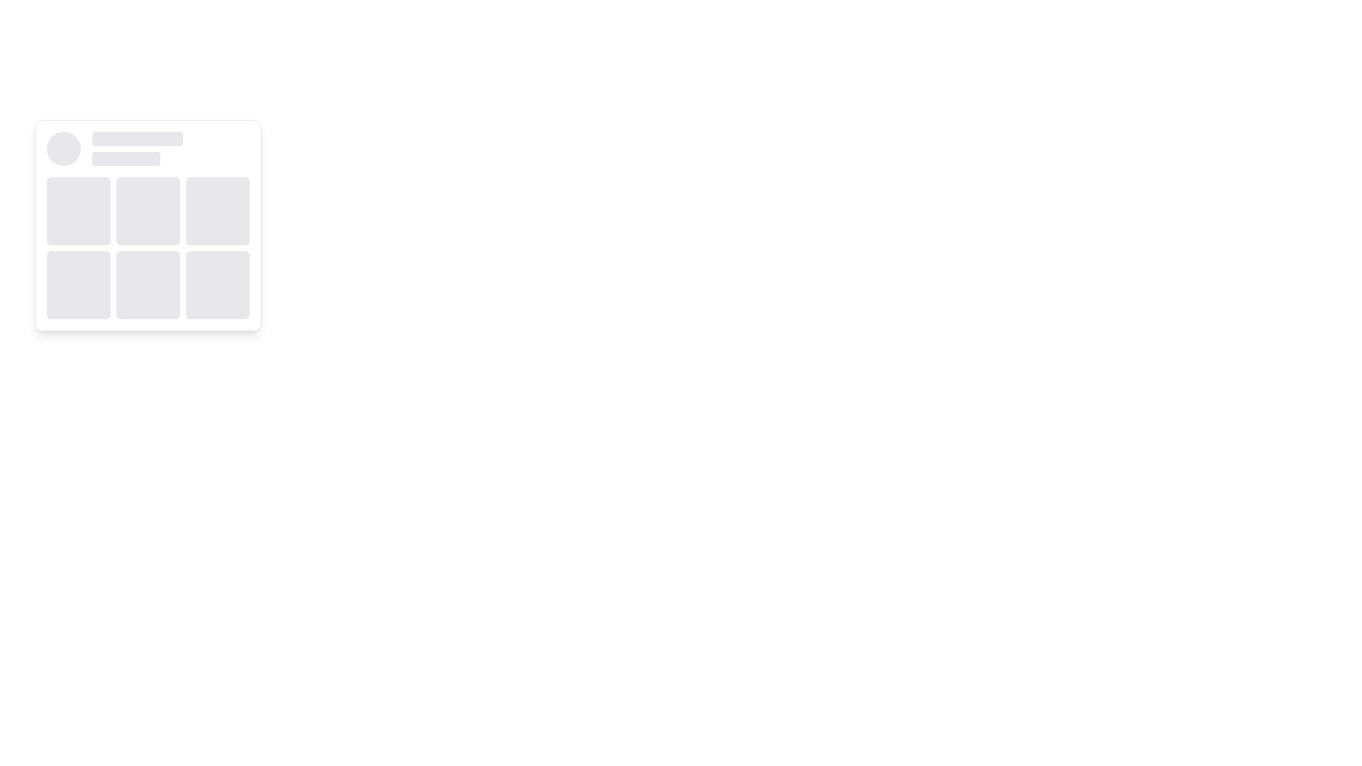 This screenshot has height=766, width=1362. What do you see at coordinates (77, 211) in the screenshot?
I see `the top-left Placeholder box in a 3x2 grid layout with rounded corners and a light gray background` at bounding box center [77, 211].